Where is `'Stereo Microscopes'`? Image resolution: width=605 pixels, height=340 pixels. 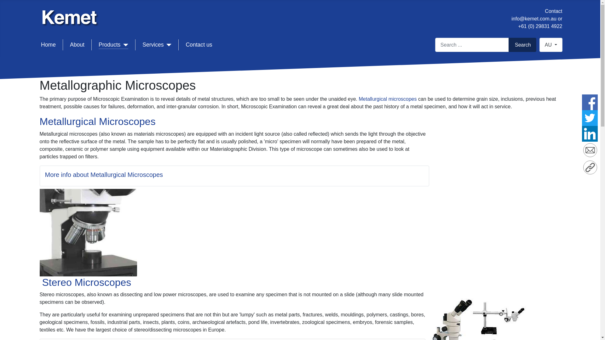 'Stereo Microscopes' is located at coordinates (42, 282).